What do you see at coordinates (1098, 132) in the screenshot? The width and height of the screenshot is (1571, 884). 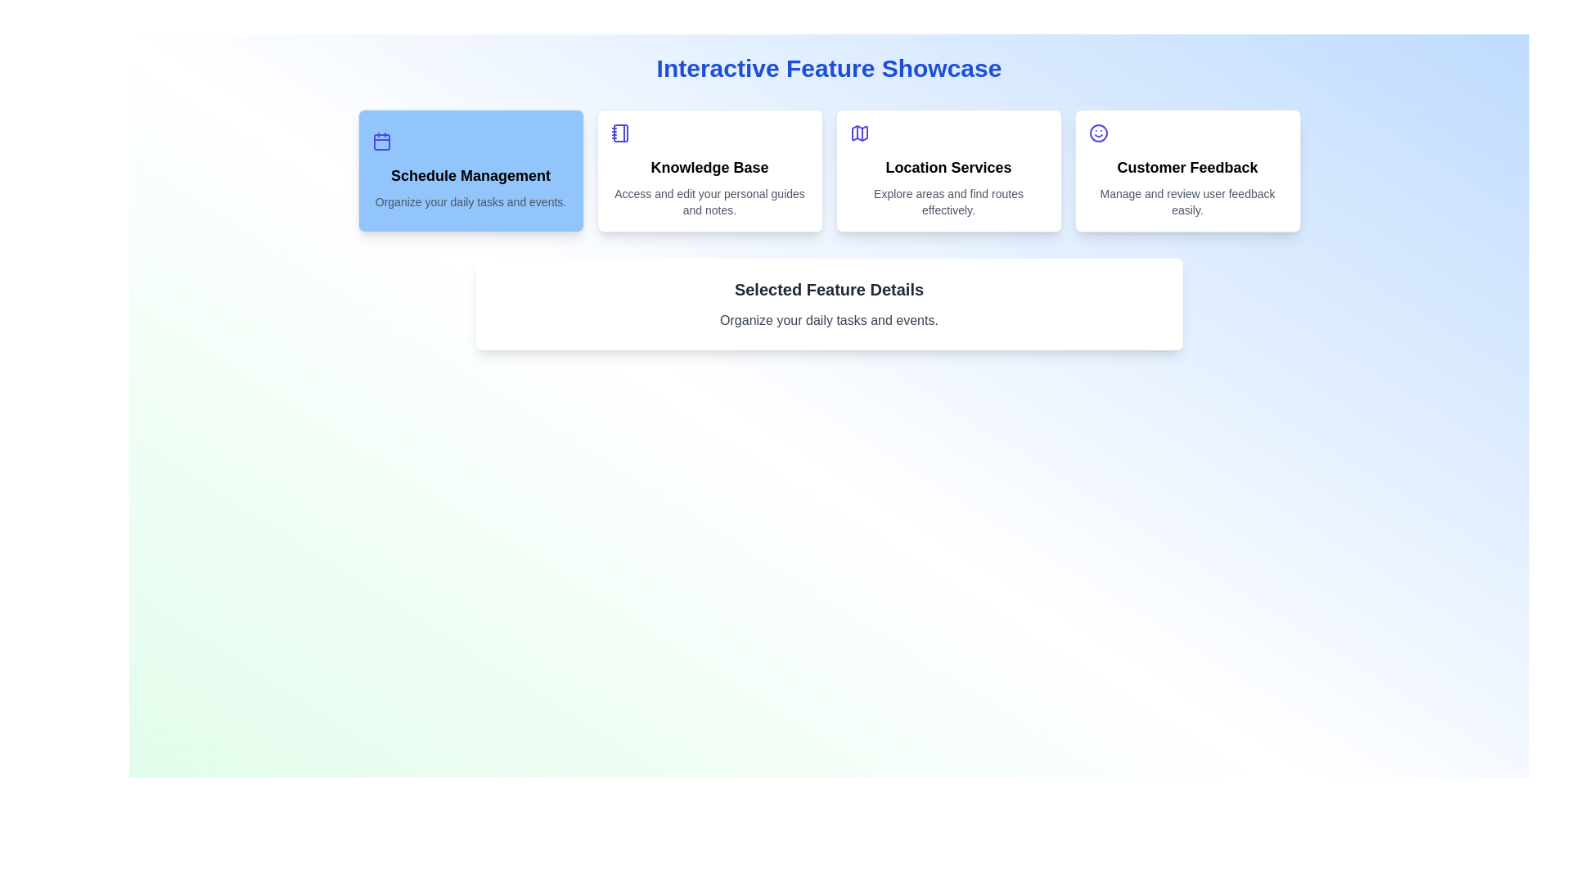 I see `the 'Customer Feedback' icon located at the top right corner of the third card, which symbolizes user sentiment` at bounding box center [1098, 132].